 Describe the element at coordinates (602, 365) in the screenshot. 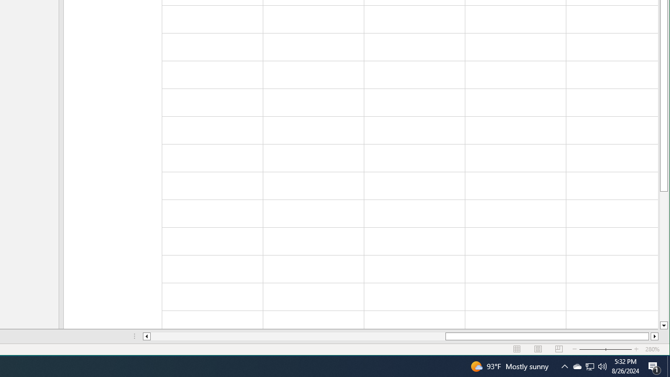

I see `'Q2790: 100%'` at that location.